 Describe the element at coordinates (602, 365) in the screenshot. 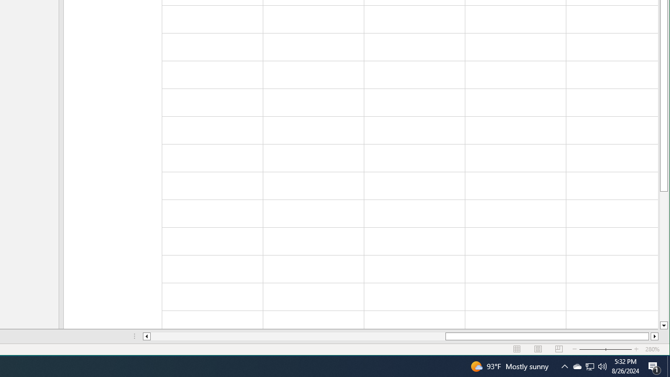

I see `'Q2790: 100%'` at that location.